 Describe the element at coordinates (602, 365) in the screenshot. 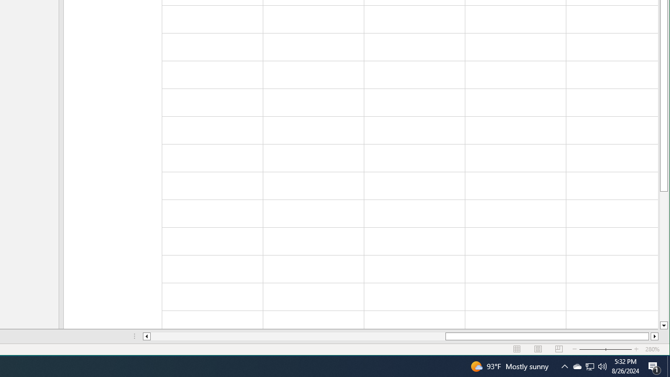

I see `'Q2790: 100%'` at that location.